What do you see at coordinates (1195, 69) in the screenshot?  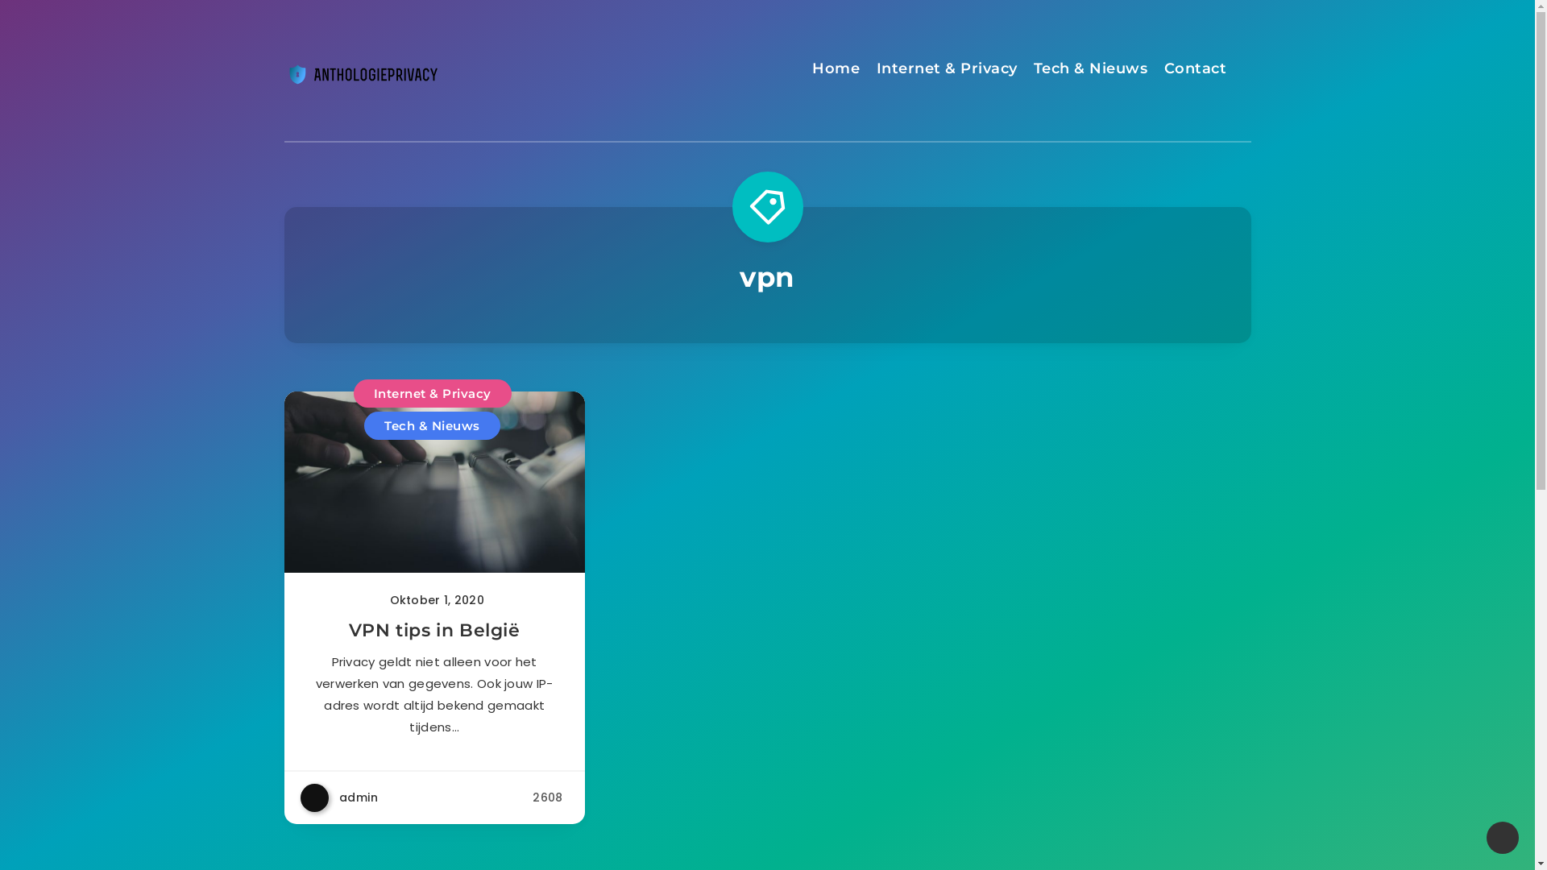 I see `'Contact'` at bounding box center [1195, 69].